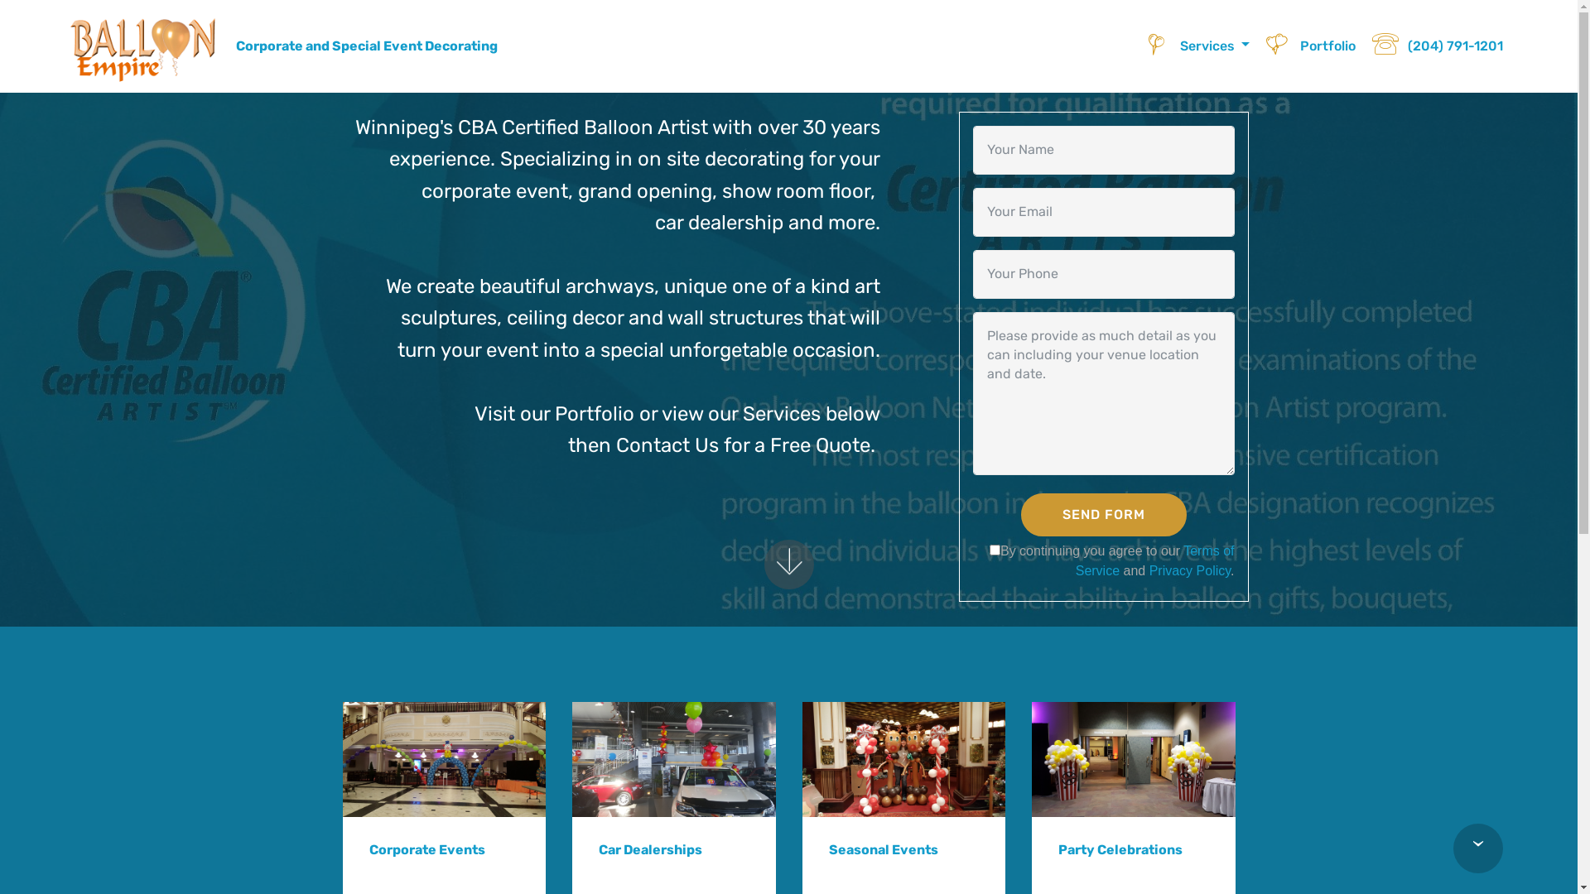 This screenshot has width=1590, height=894. What do you see at coordinates (445, 759) in the screenshot?
I see `'Clown Walk Thru Archway'` at bounding box center [445, 759].